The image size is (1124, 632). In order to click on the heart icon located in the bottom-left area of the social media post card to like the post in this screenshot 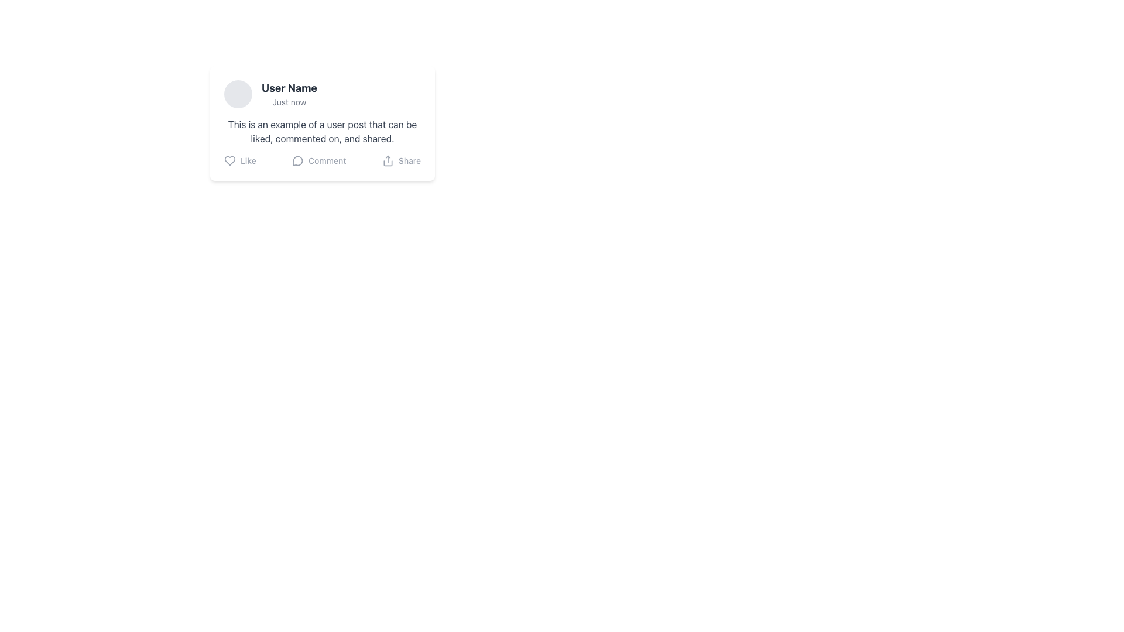, I will do `click(230, 160)`.